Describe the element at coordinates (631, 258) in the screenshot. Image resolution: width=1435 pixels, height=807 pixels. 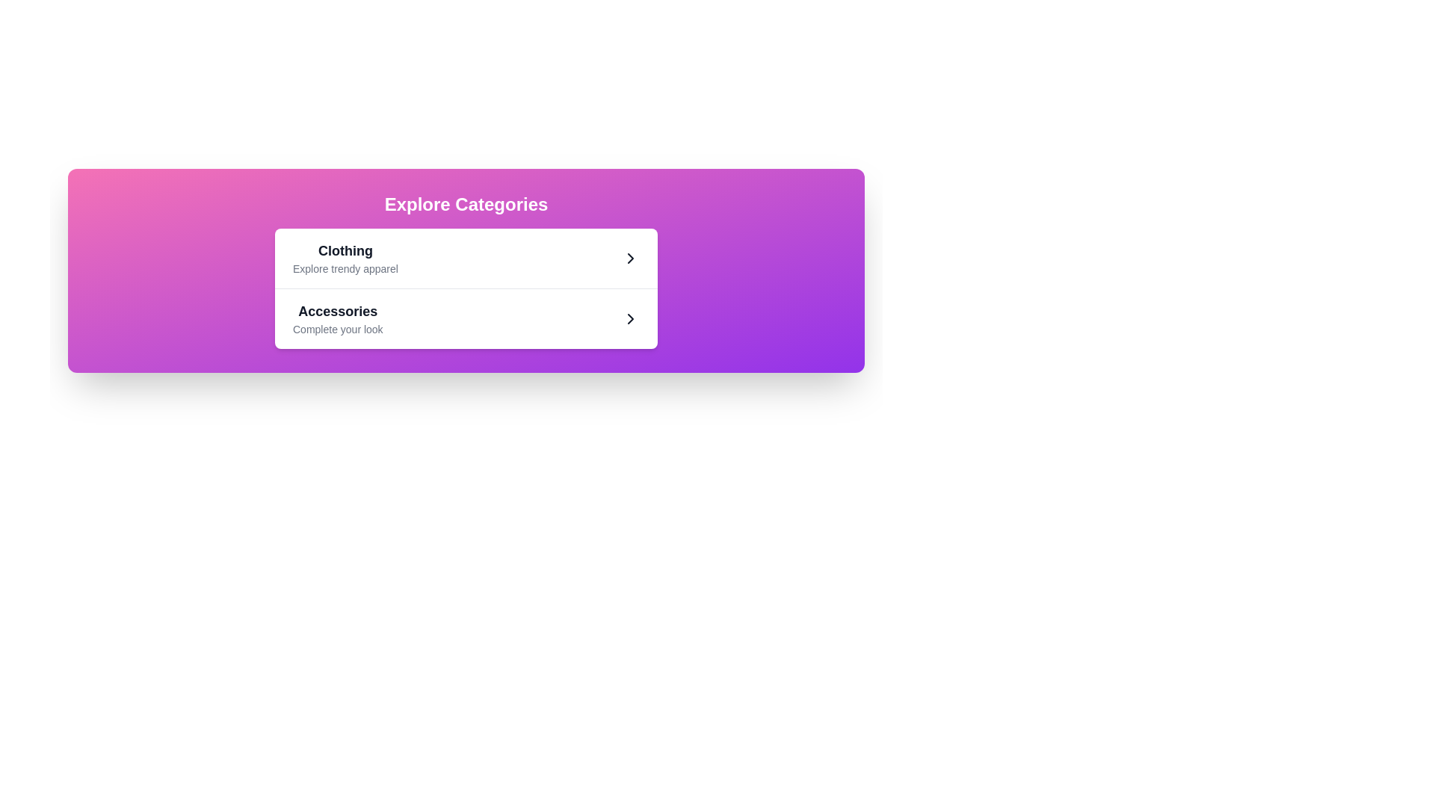
I see `the status of the icon located at the right end of the 'Clothing' list item, which indicates navigation or interaction for exploring trendy apparel` at that location.